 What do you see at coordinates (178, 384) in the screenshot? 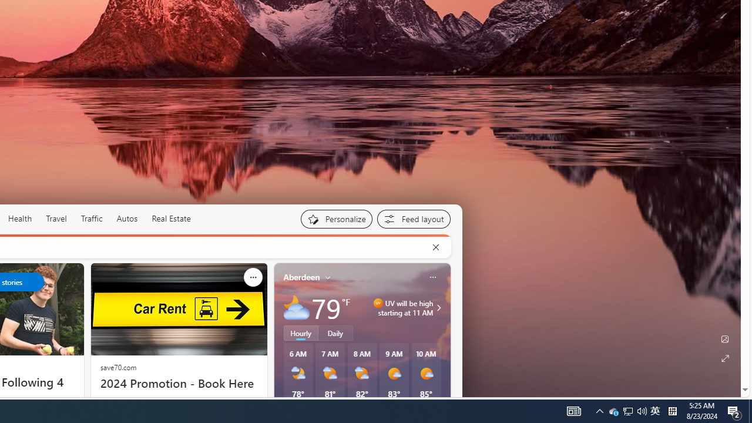
I see `'2024 Promotion - Book Here'` at bounding box center [178, 384].